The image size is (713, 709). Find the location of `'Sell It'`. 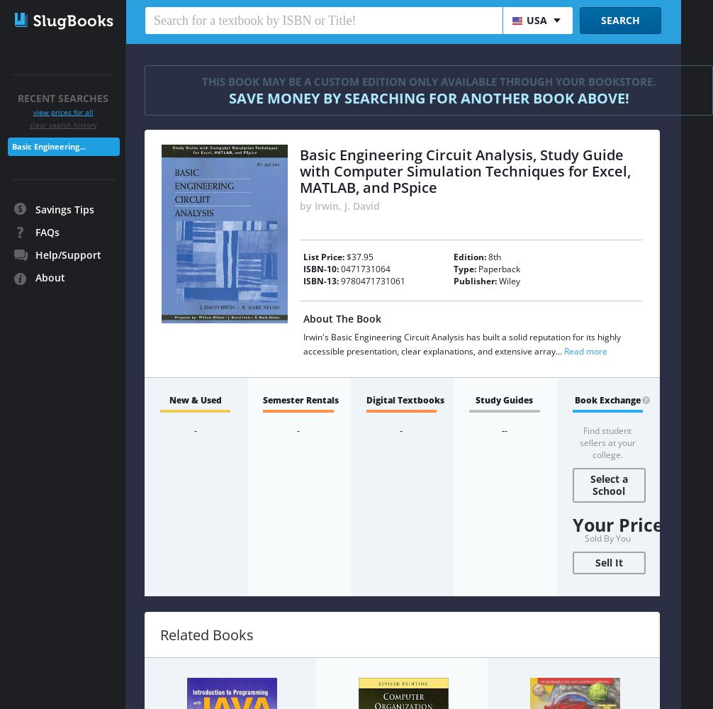

'Sell It' is located at coordinates (607, 562).